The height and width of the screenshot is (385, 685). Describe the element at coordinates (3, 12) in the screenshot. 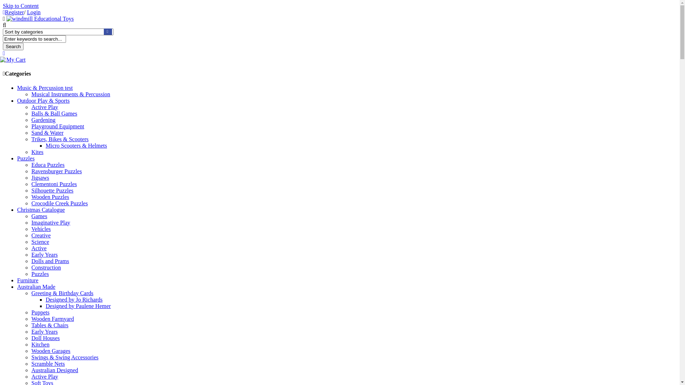

I see `'Register'` at that location.